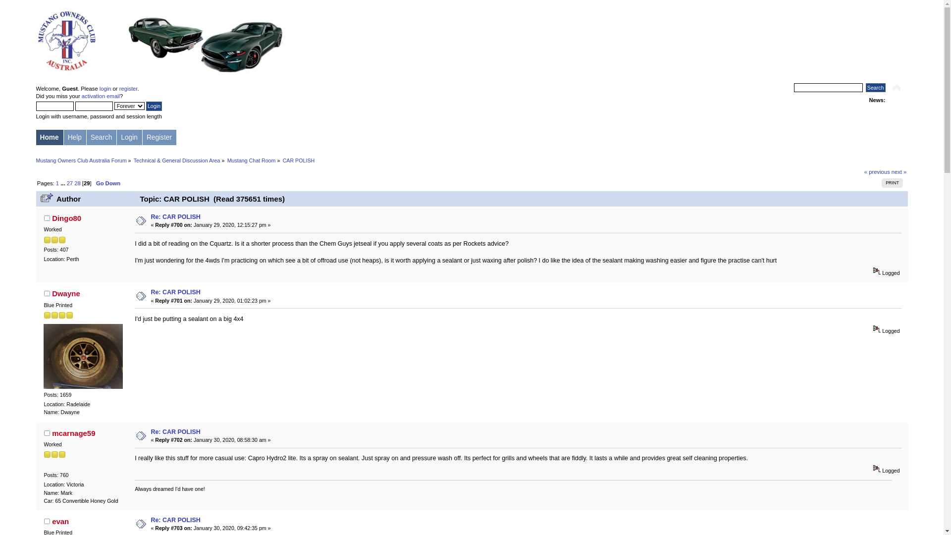 This screenshot has width=951, height=535. Describe the element at coordinates (882, 183) in the screenshot. I see `'PRINT'` at that location.